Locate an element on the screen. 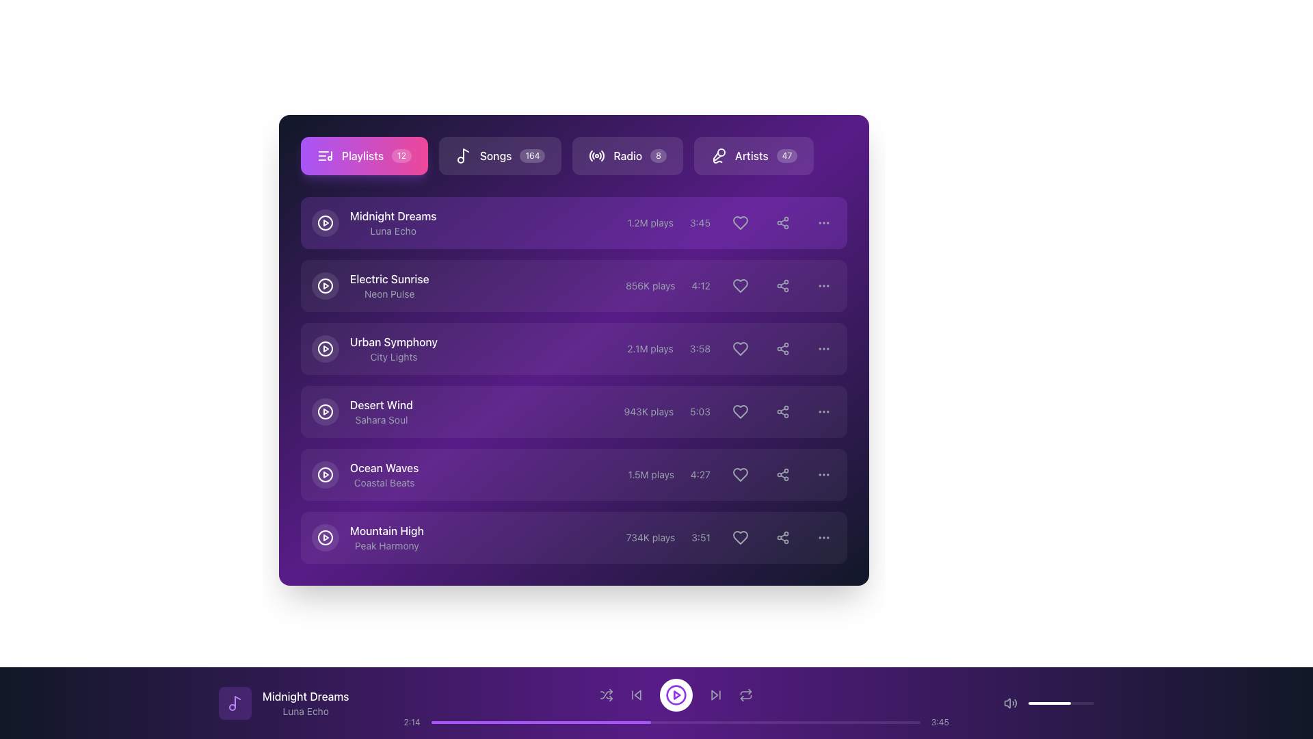 The height and width of the screenshot is (739, 1313). the subtitle text labeled 'Sahara Soul', which is a small, gray-colored font positioned below the bold text 'Desert Wind' is located at coordinates (381, 419).